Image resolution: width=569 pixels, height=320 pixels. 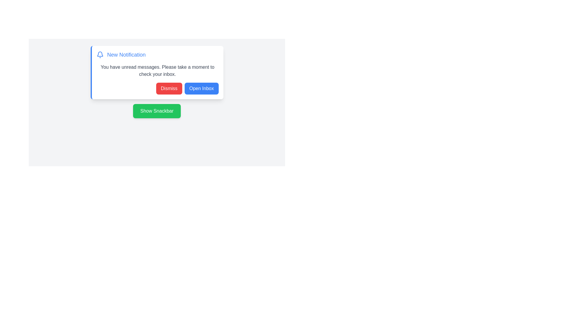 I want to click on the 'Show Snackbar' button to display the snackbar, so click(x=157, y=111).